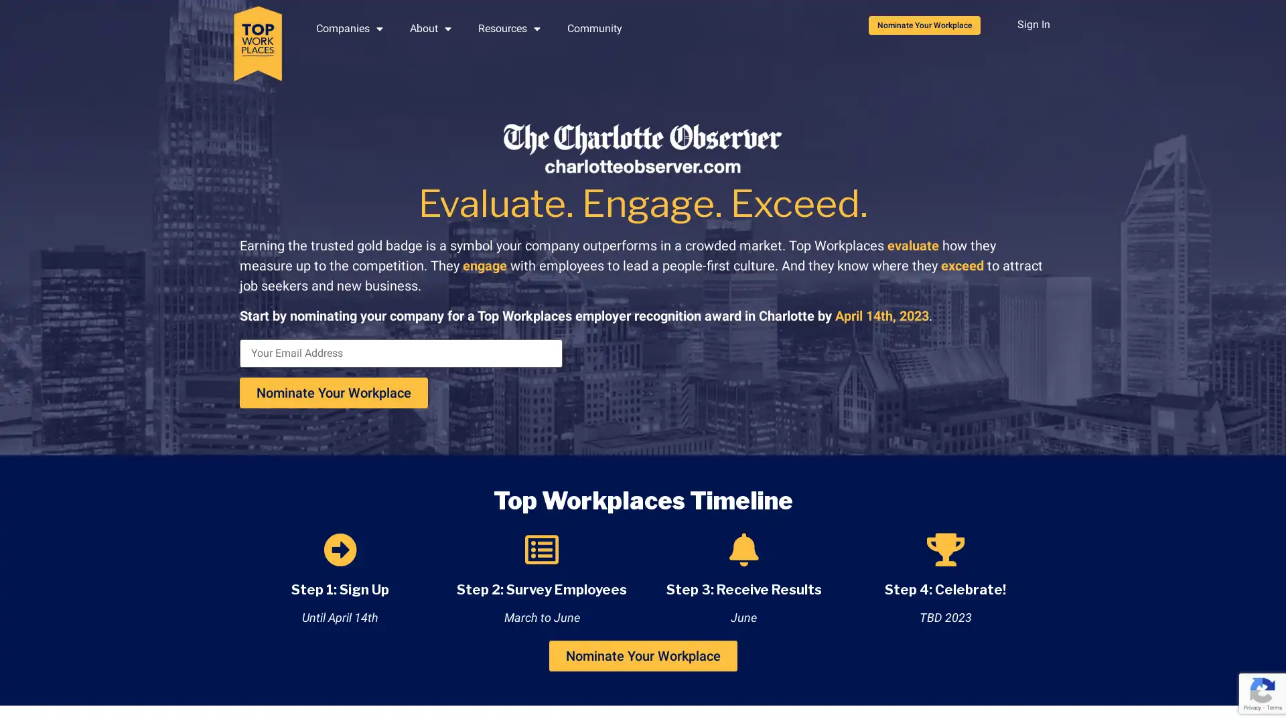 The height and width of the screenshot is (723, 1286). Describe the element at coordinates (333, 392) in the screenshot. I see `Nominate Your Workplace` at that location.